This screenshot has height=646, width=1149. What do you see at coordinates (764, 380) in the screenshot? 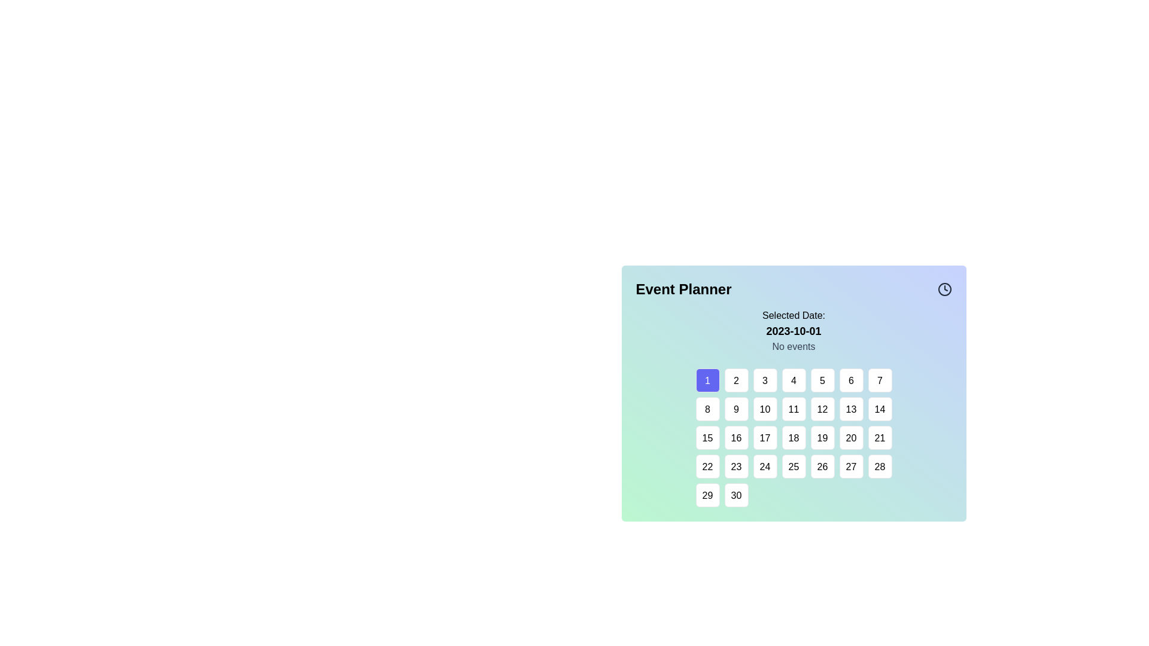
I see `the calendar day button representing the third day` at bounding box center [764, 380].